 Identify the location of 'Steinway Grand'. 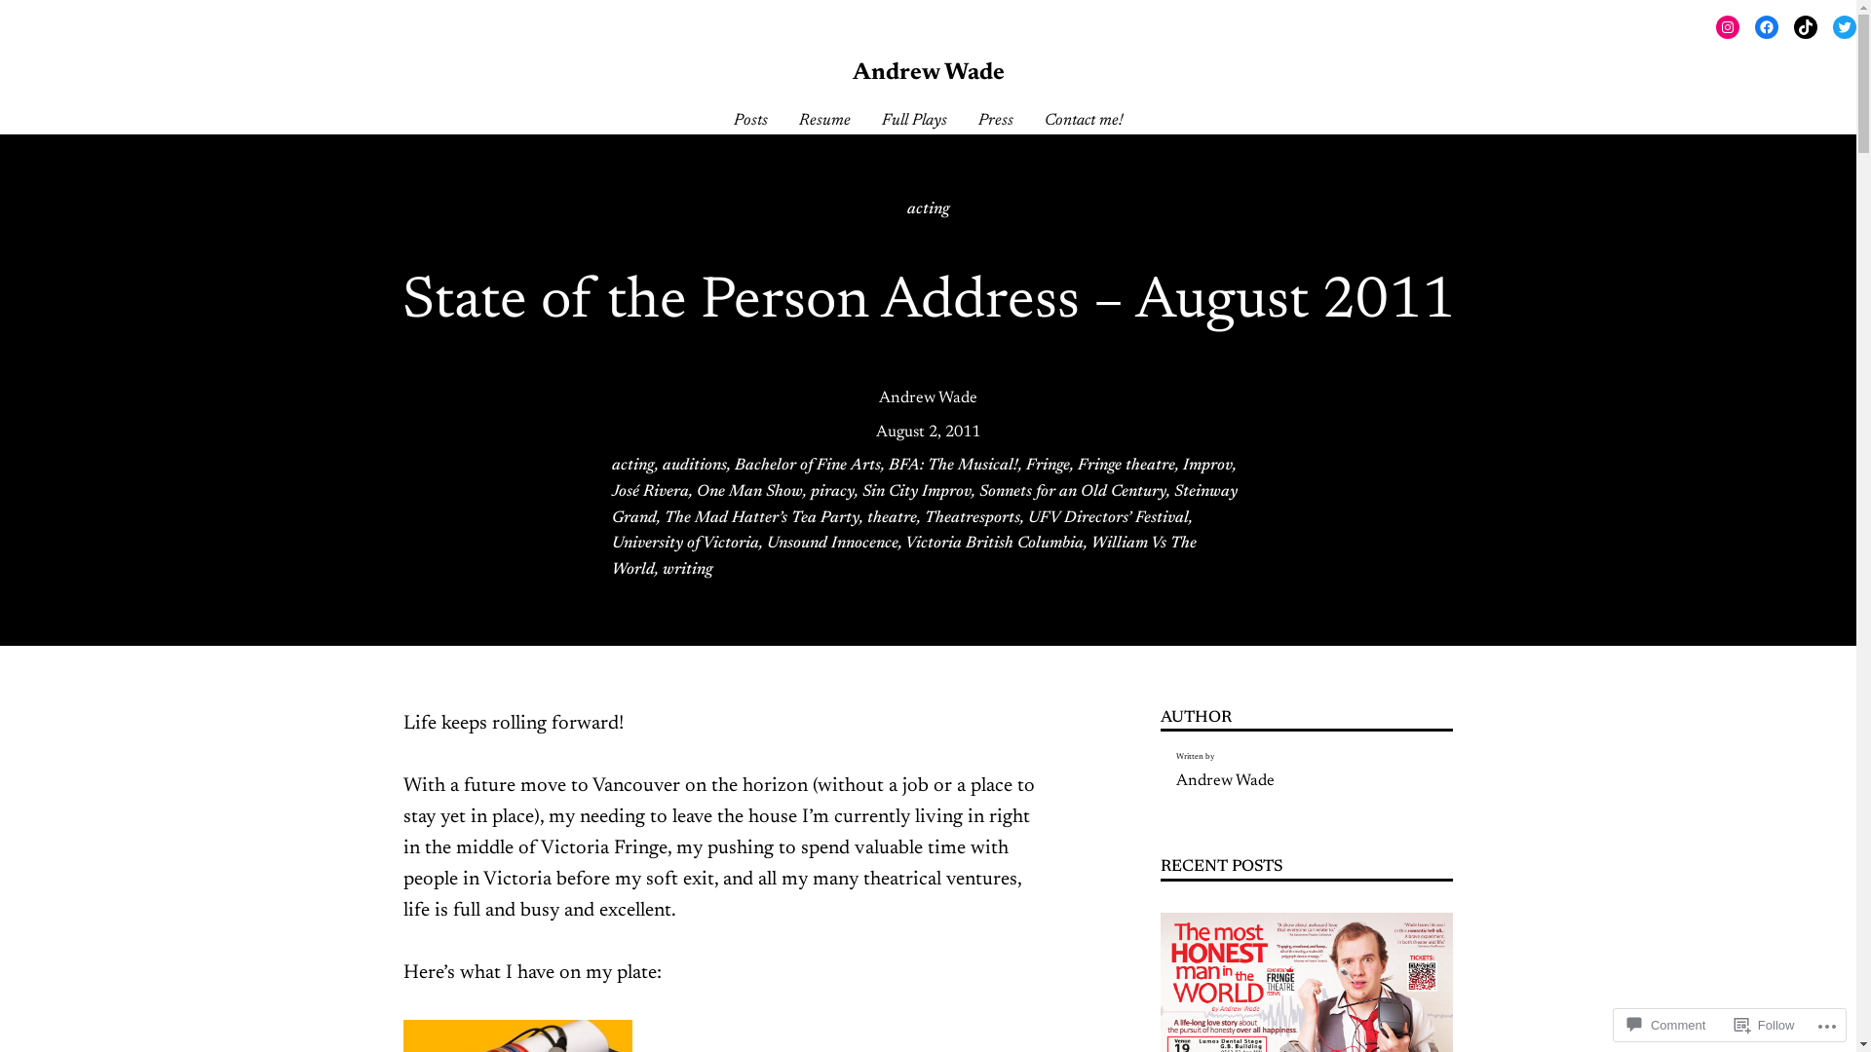
(611, 504).